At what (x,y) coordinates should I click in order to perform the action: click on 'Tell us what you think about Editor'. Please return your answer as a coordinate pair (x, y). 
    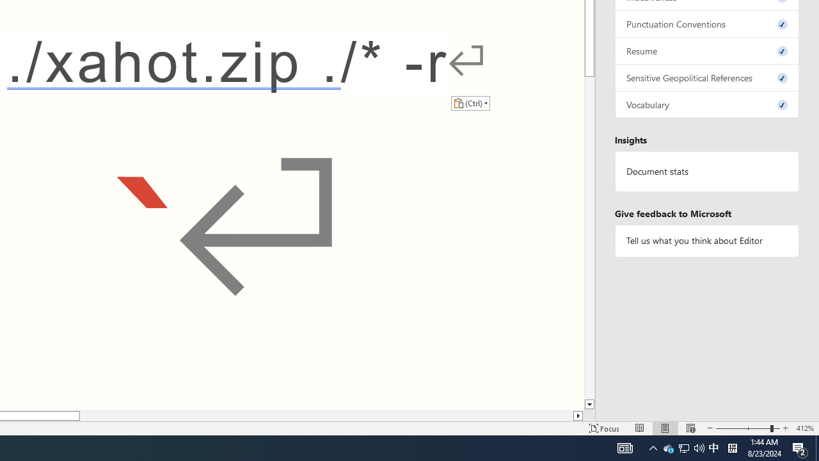
    Looking at the image, I should click on (706, 241).